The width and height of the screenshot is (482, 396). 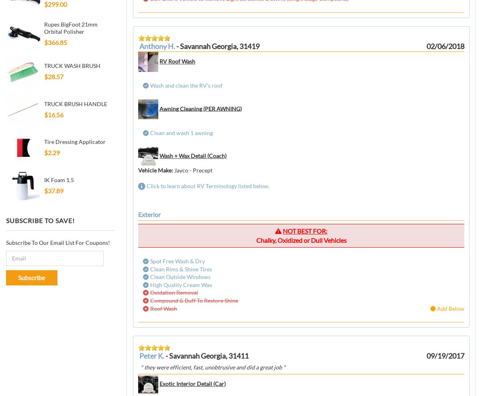 I want to click on 'RV Roof Wash', so click(x=177, y=61).